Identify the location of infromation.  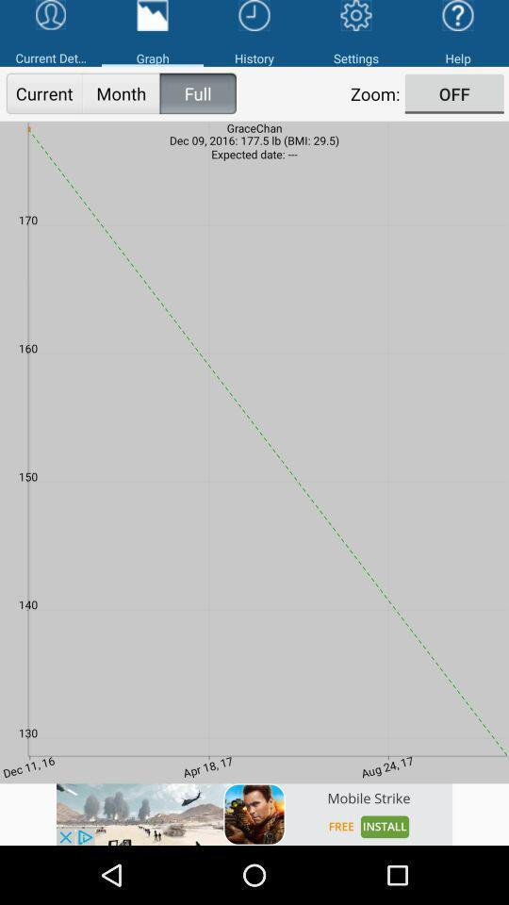
(254, 814).